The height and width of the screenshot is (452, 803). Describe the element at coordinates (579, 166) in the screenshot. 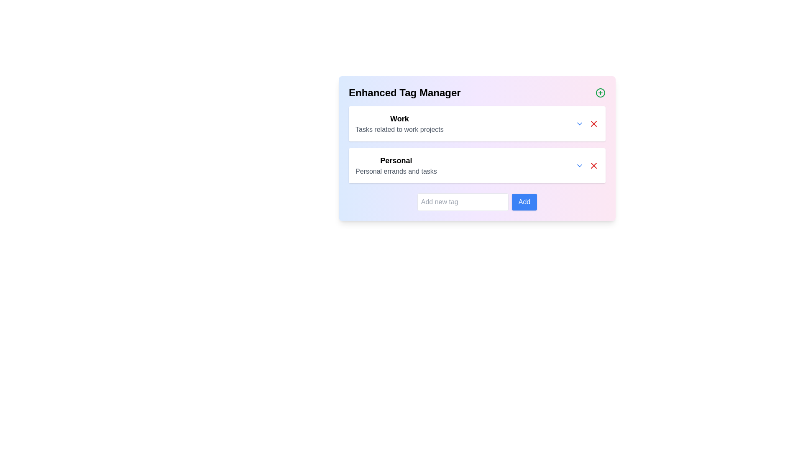

I see `the toggle icon located to the right of the label 'Personal' in the middle section of the modal dialog` at that location.